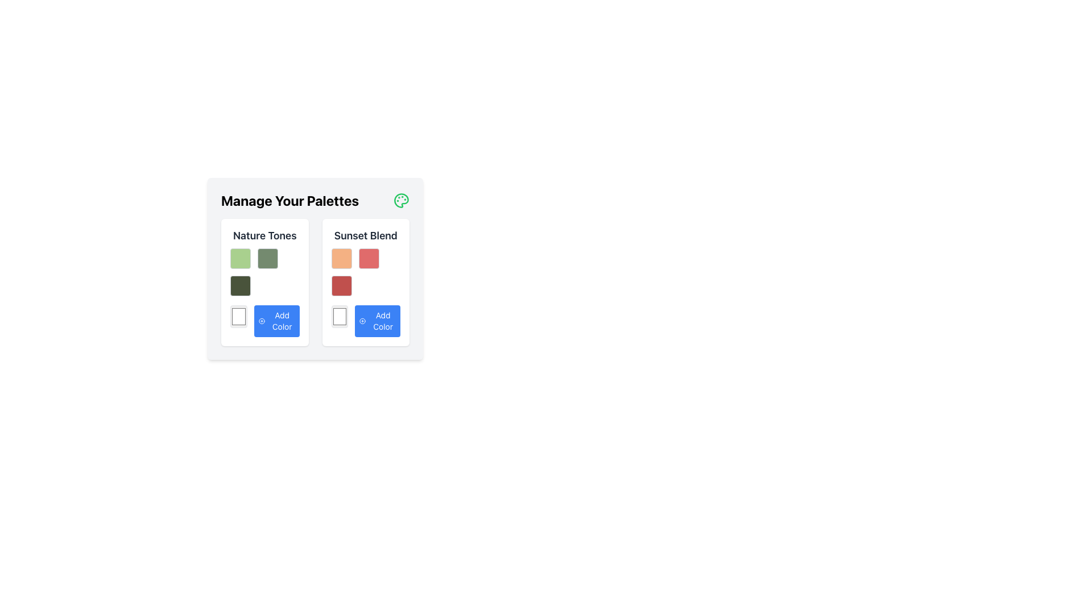 This screenshot has height=614, width=1092. Describe the element at coordinates (239, 259) in the screenshot. I see `the light green color swatch in the 'Nature Tones' palette` at that location.